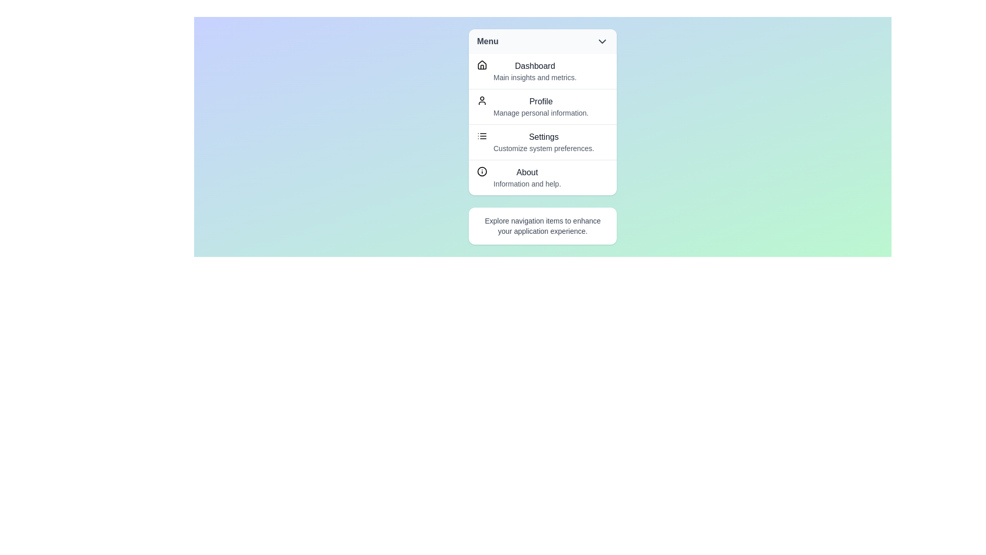  What do you see at coordinates (542, 70) in the screenshot?
I see `the menu item labeled Dashboard` at bounding box center [542, 70].